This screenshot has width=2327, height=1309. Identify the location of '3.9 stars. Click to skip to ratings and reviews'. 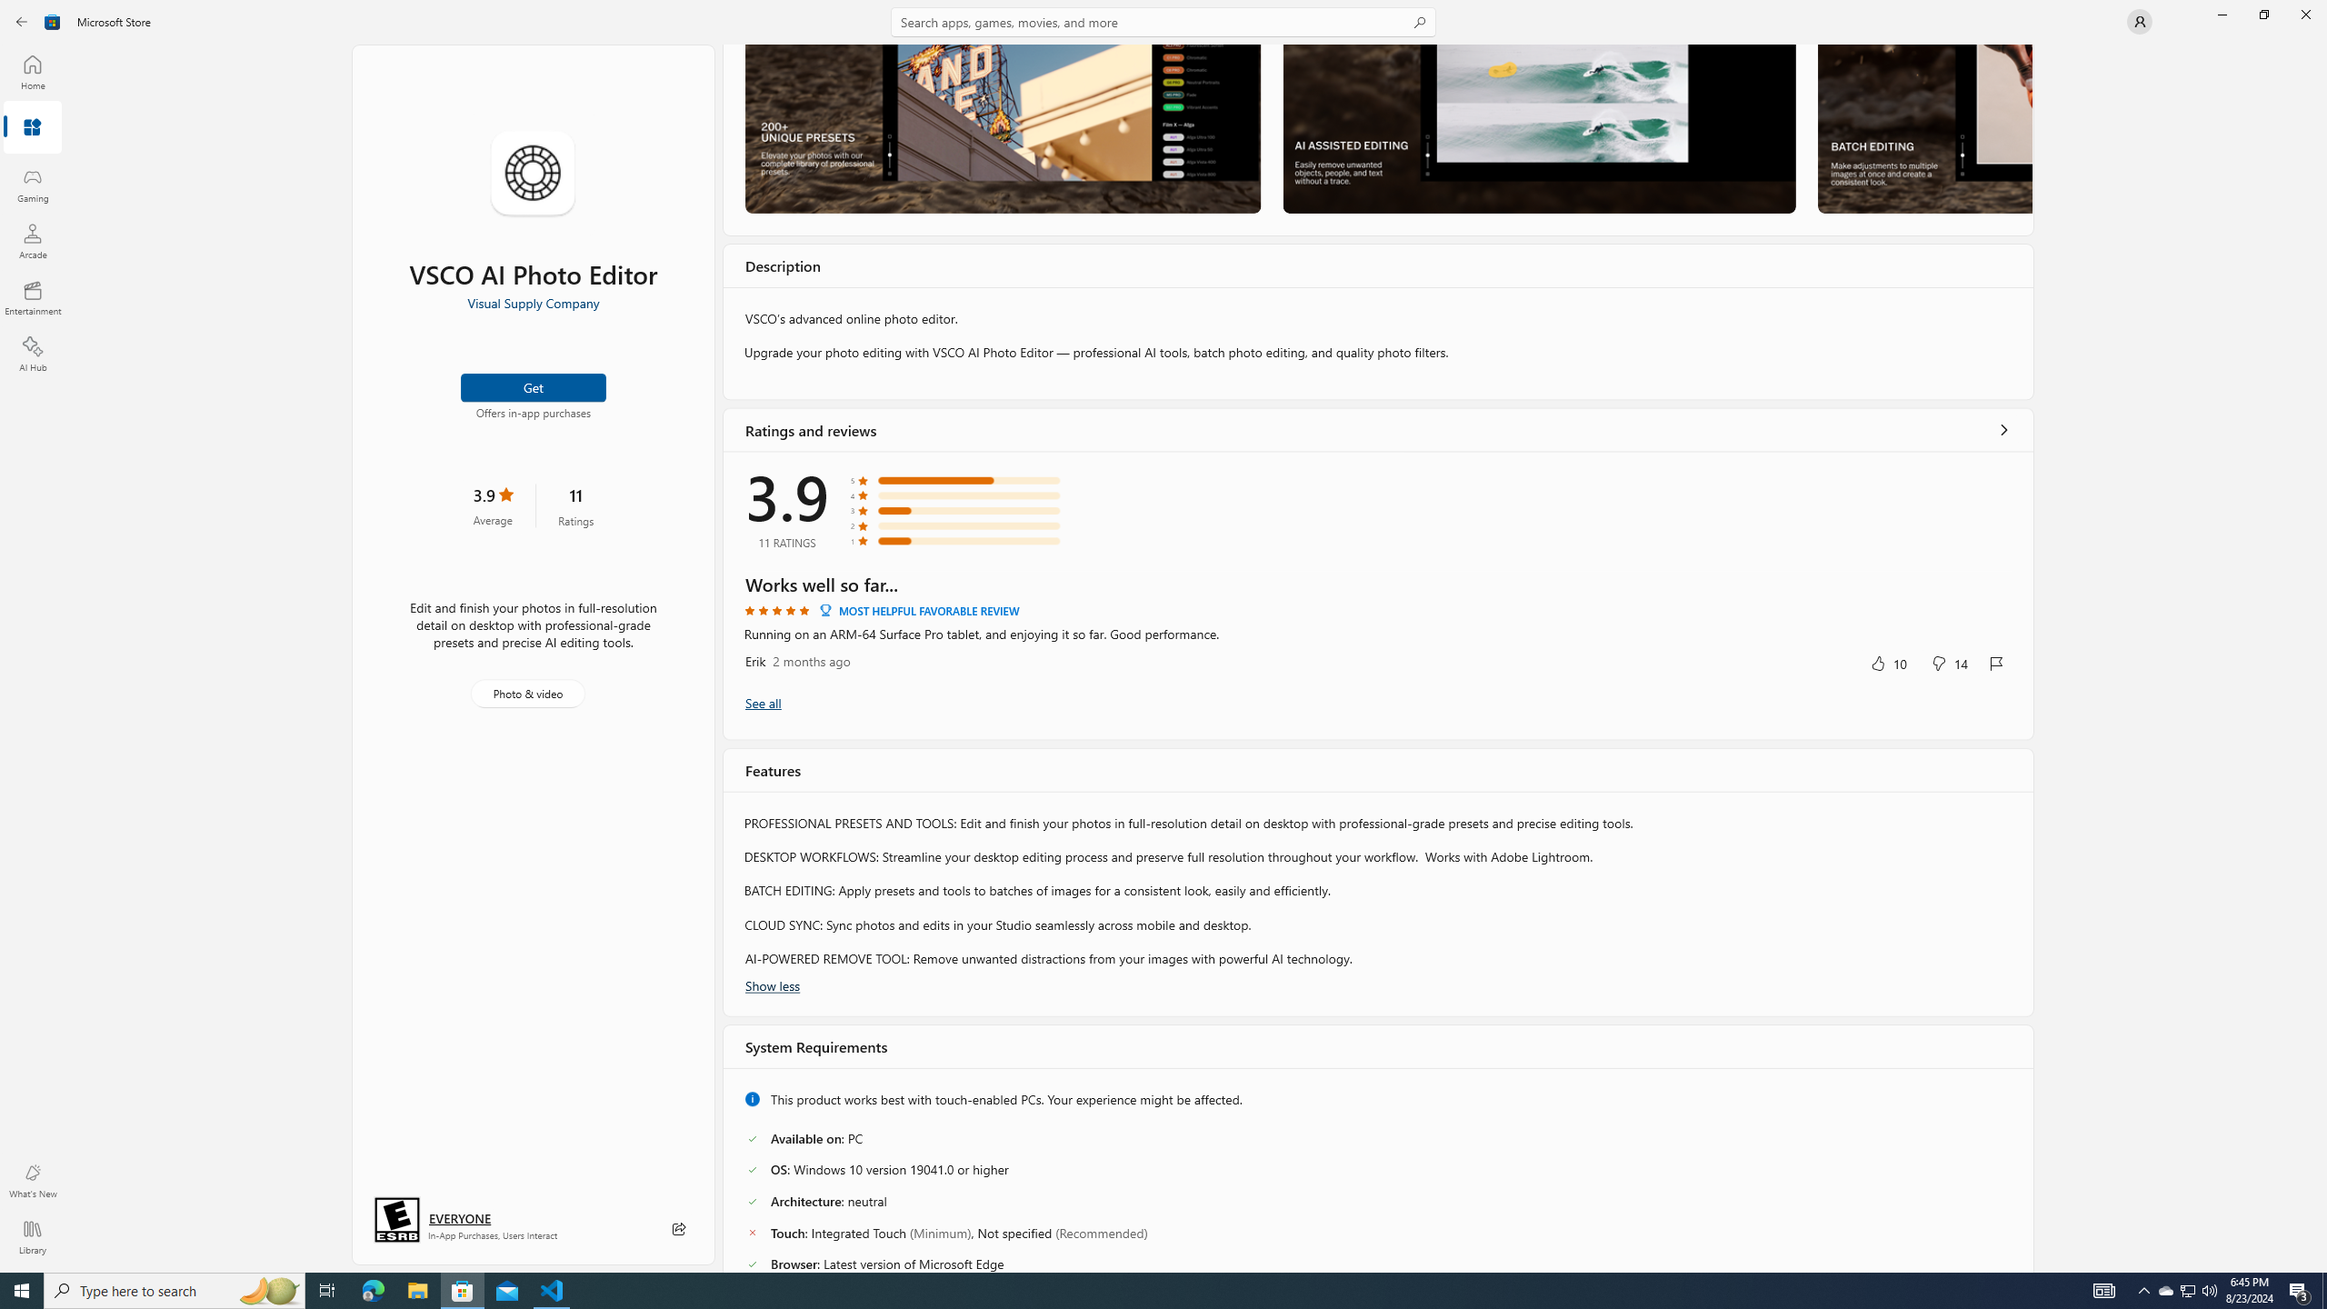
(492, 505).